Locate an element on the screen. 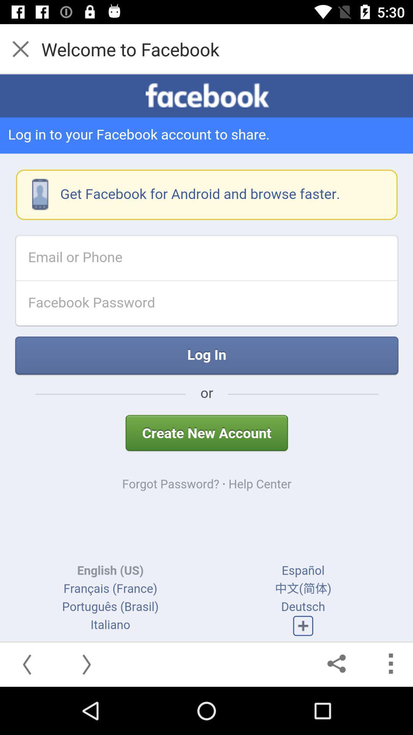 The width and height of the screenshot is (413, 735). the more icon is located at coordinates (389, 663).